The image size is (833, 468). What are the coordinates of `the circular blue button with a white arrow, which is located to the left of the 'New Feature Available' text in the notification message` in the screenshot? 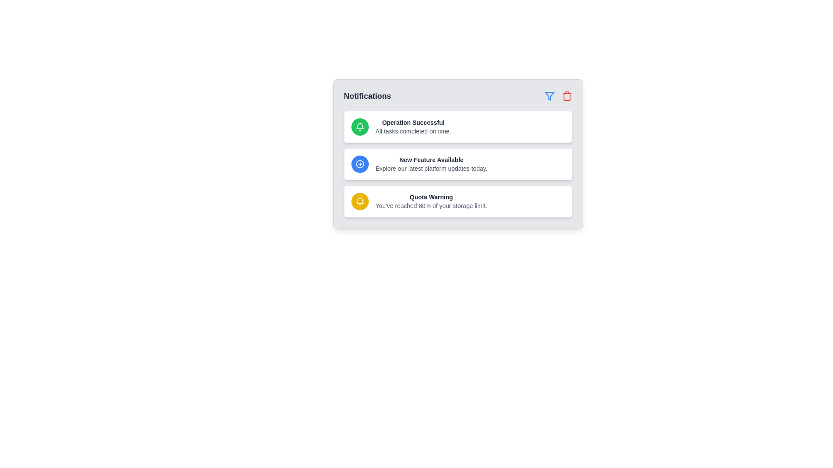 It's located at (360, 164).